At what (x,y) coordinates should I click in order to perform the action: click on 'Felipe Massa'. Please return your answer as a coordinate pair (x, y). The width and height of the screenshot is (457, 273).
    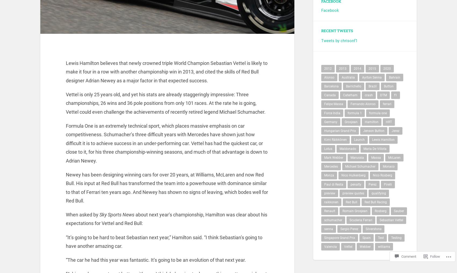
    Looking at the image, I should click on (333, 107).